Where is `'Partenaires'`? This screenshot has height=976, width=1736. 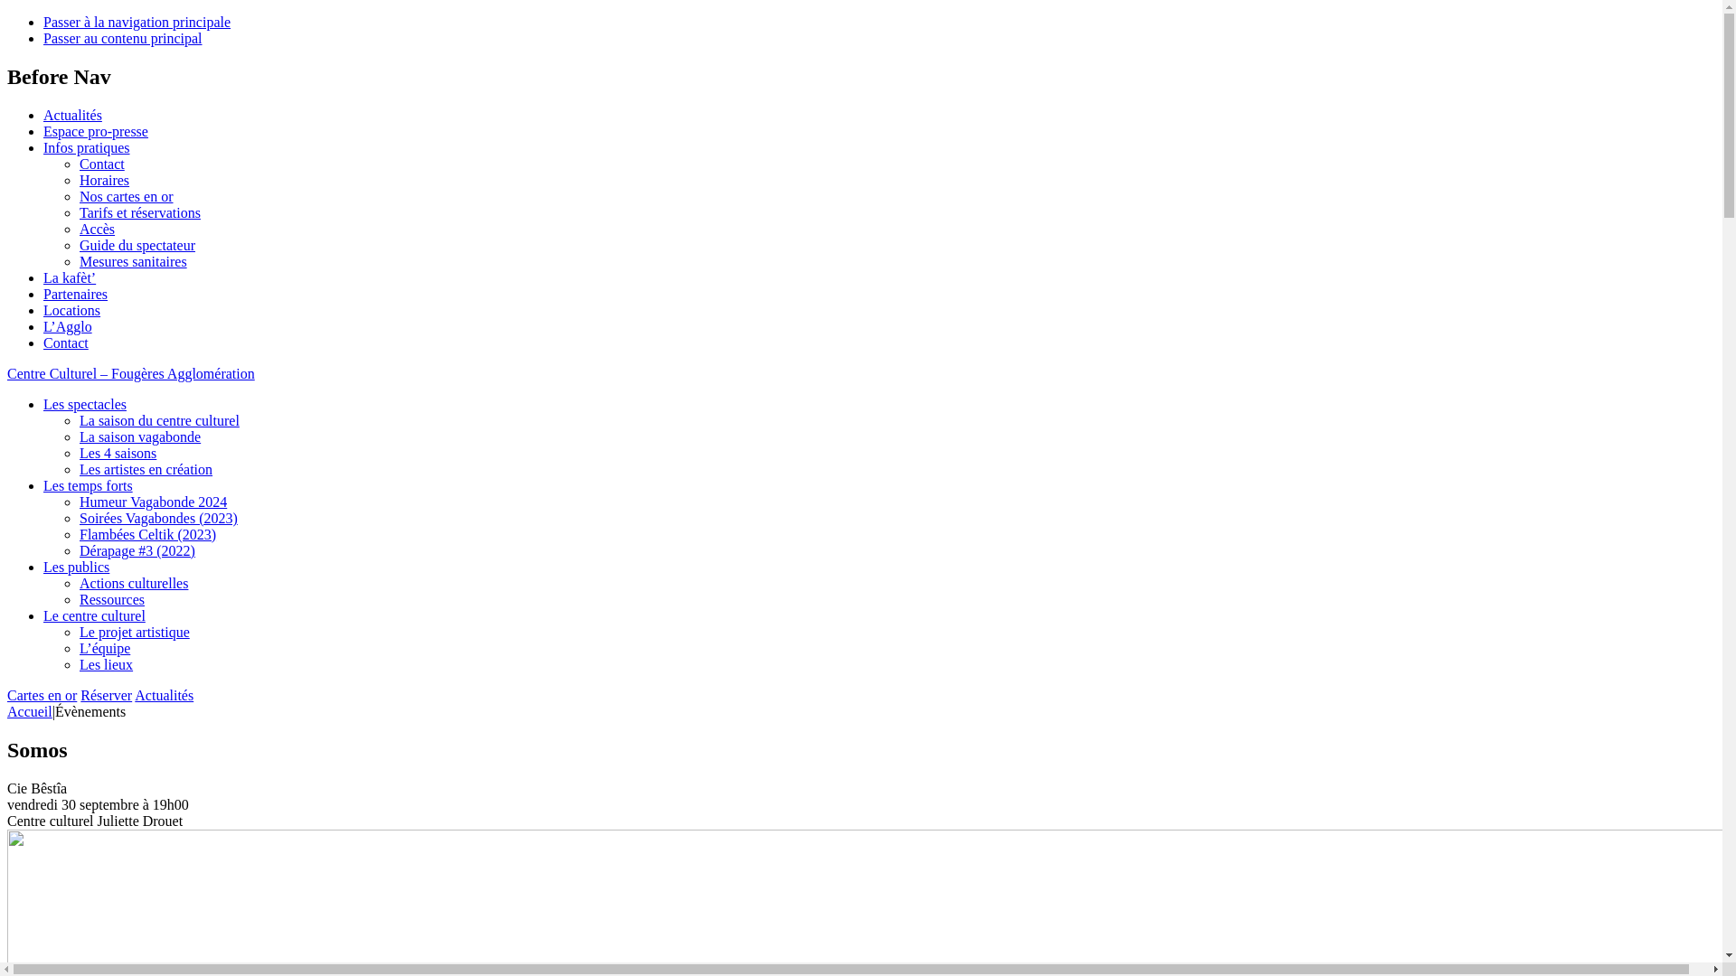 'Partenaires' is located at coordinates (74, 293).